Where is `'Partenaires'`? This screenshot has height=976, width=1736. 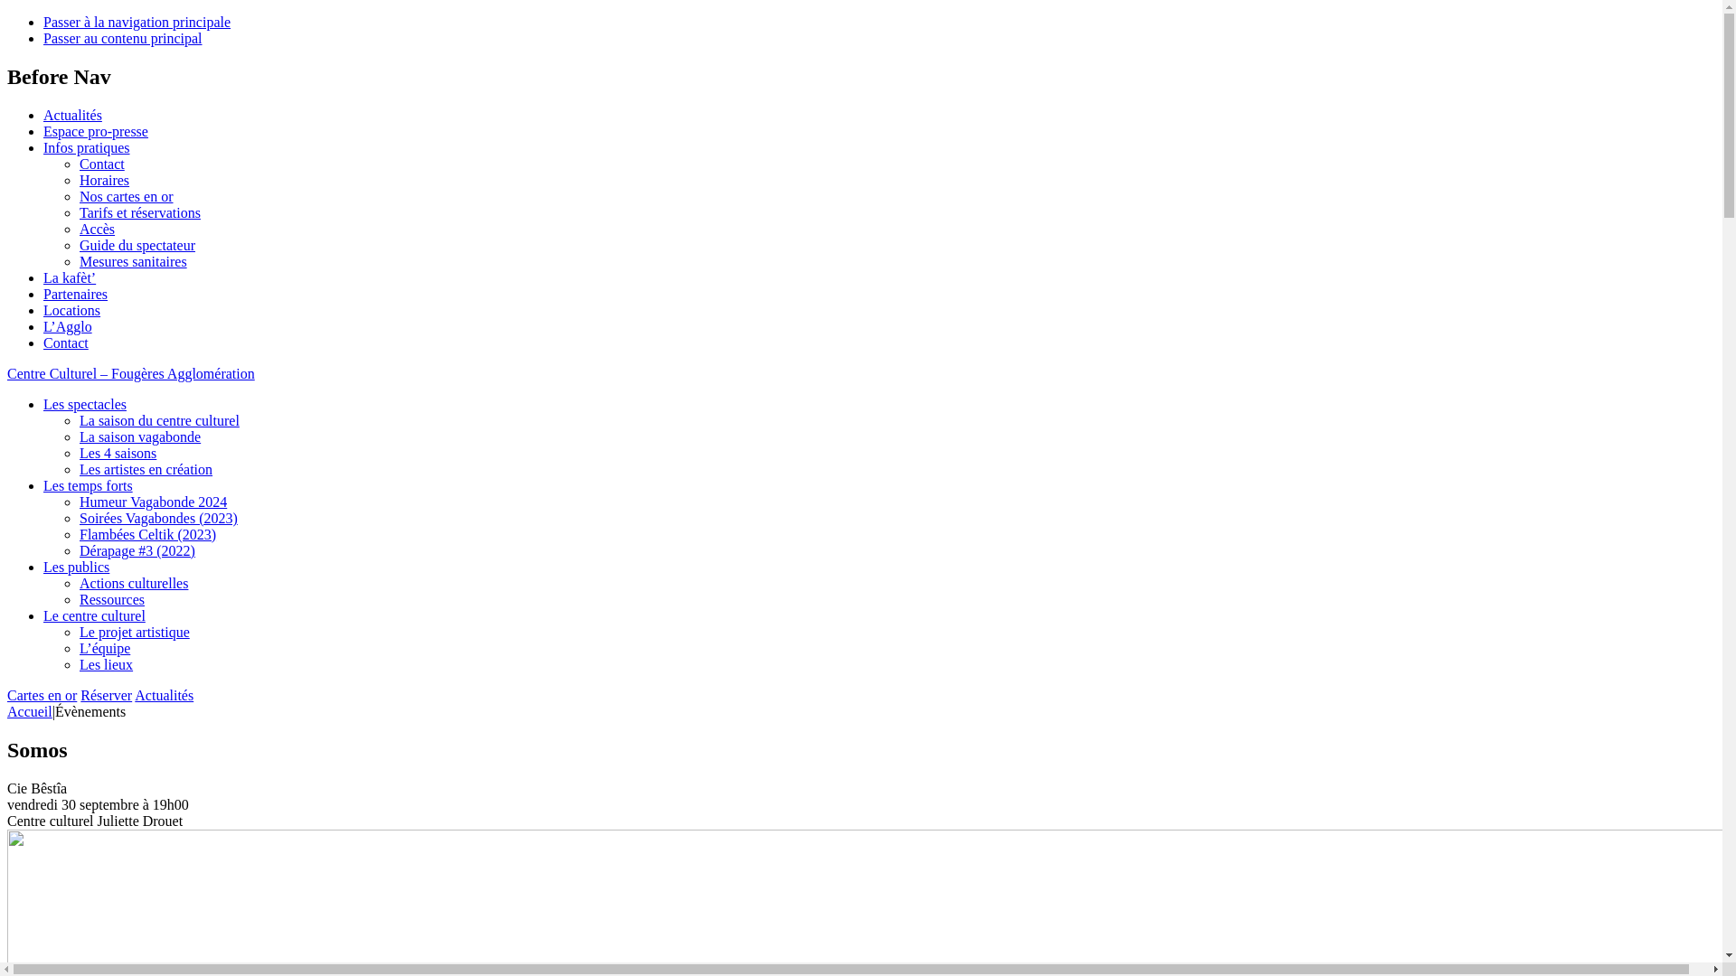 'Partenaires' is located at coordinates (74, 293).